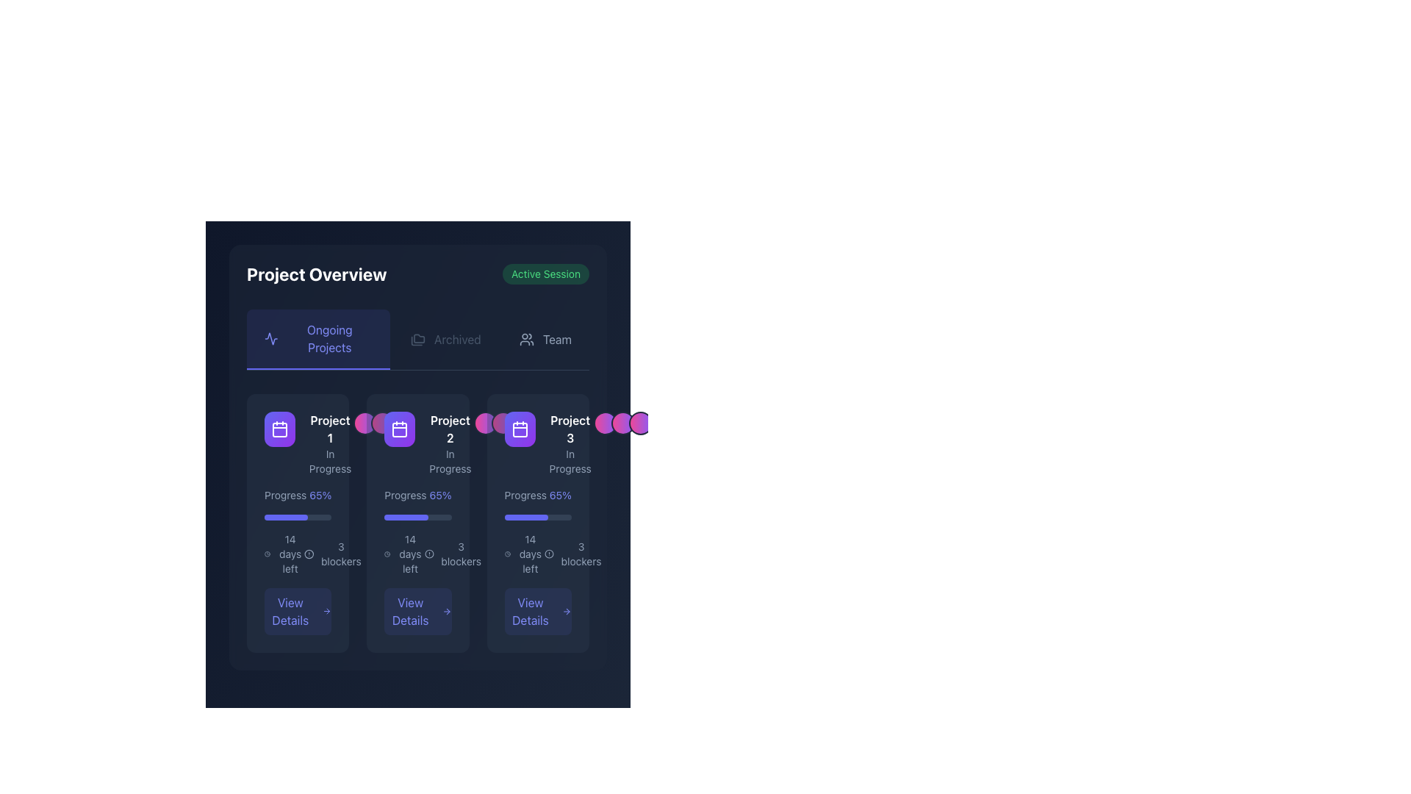  What do you see at coordinates (383, 423) in the screenshot?
I see `the view on the Avatar group consisting of three circular avatars with a gradient background, located within the 'Project 2' card in the 'Ongoing Projects' section` at bounding box center [383, 423].